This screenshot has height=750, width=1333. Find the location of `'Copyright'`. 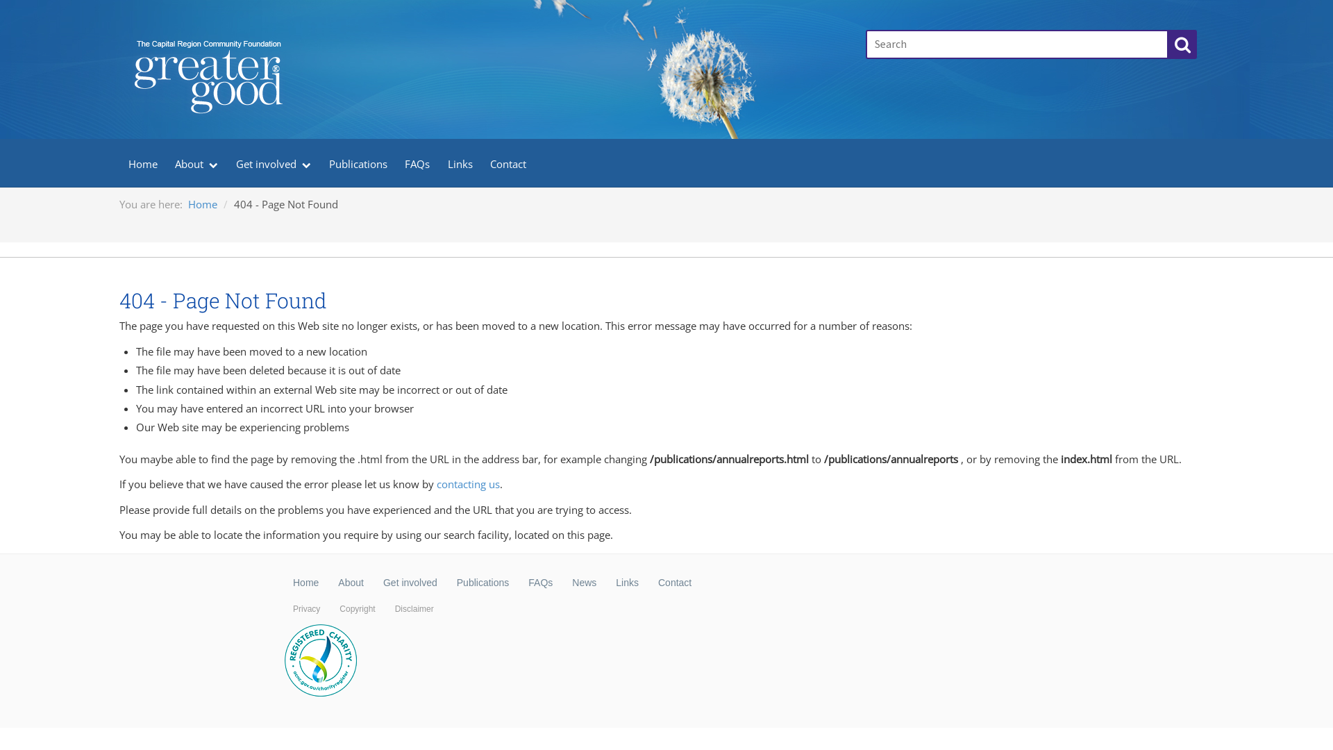

'Copyright' is located at coordinates (329, 608).